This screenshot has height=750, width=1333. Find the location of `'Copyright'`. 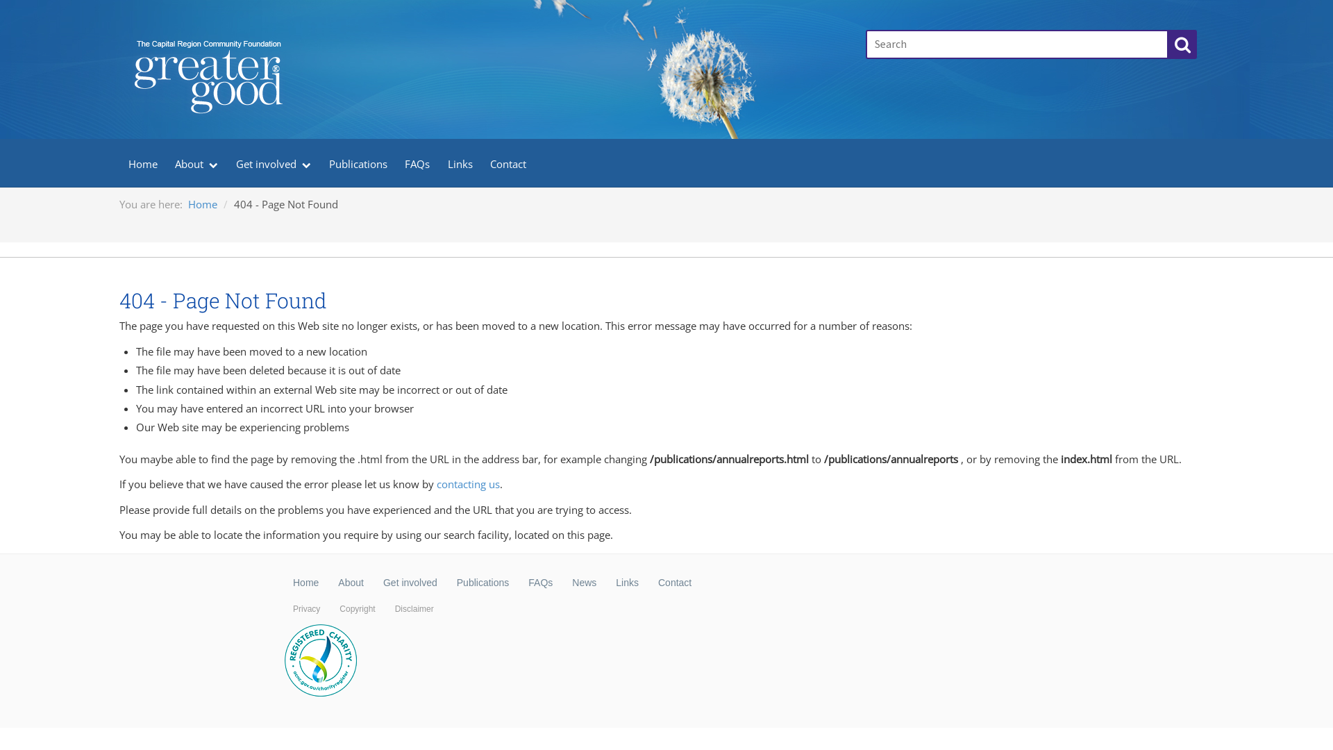

'Copyright' is located at coordinates (329, 608).